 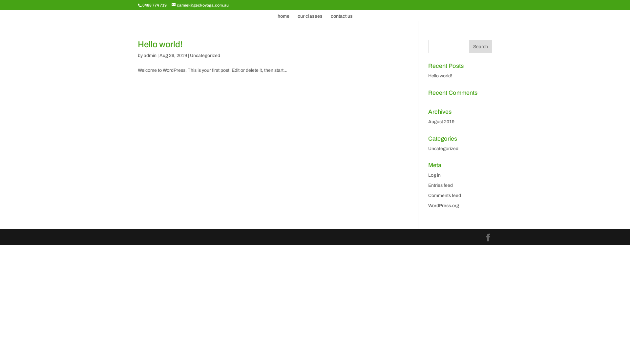 What do you see at coordinates (444, 195) in the screenshot?
I see `'Comments feed'` at bounding box center [444, 195].